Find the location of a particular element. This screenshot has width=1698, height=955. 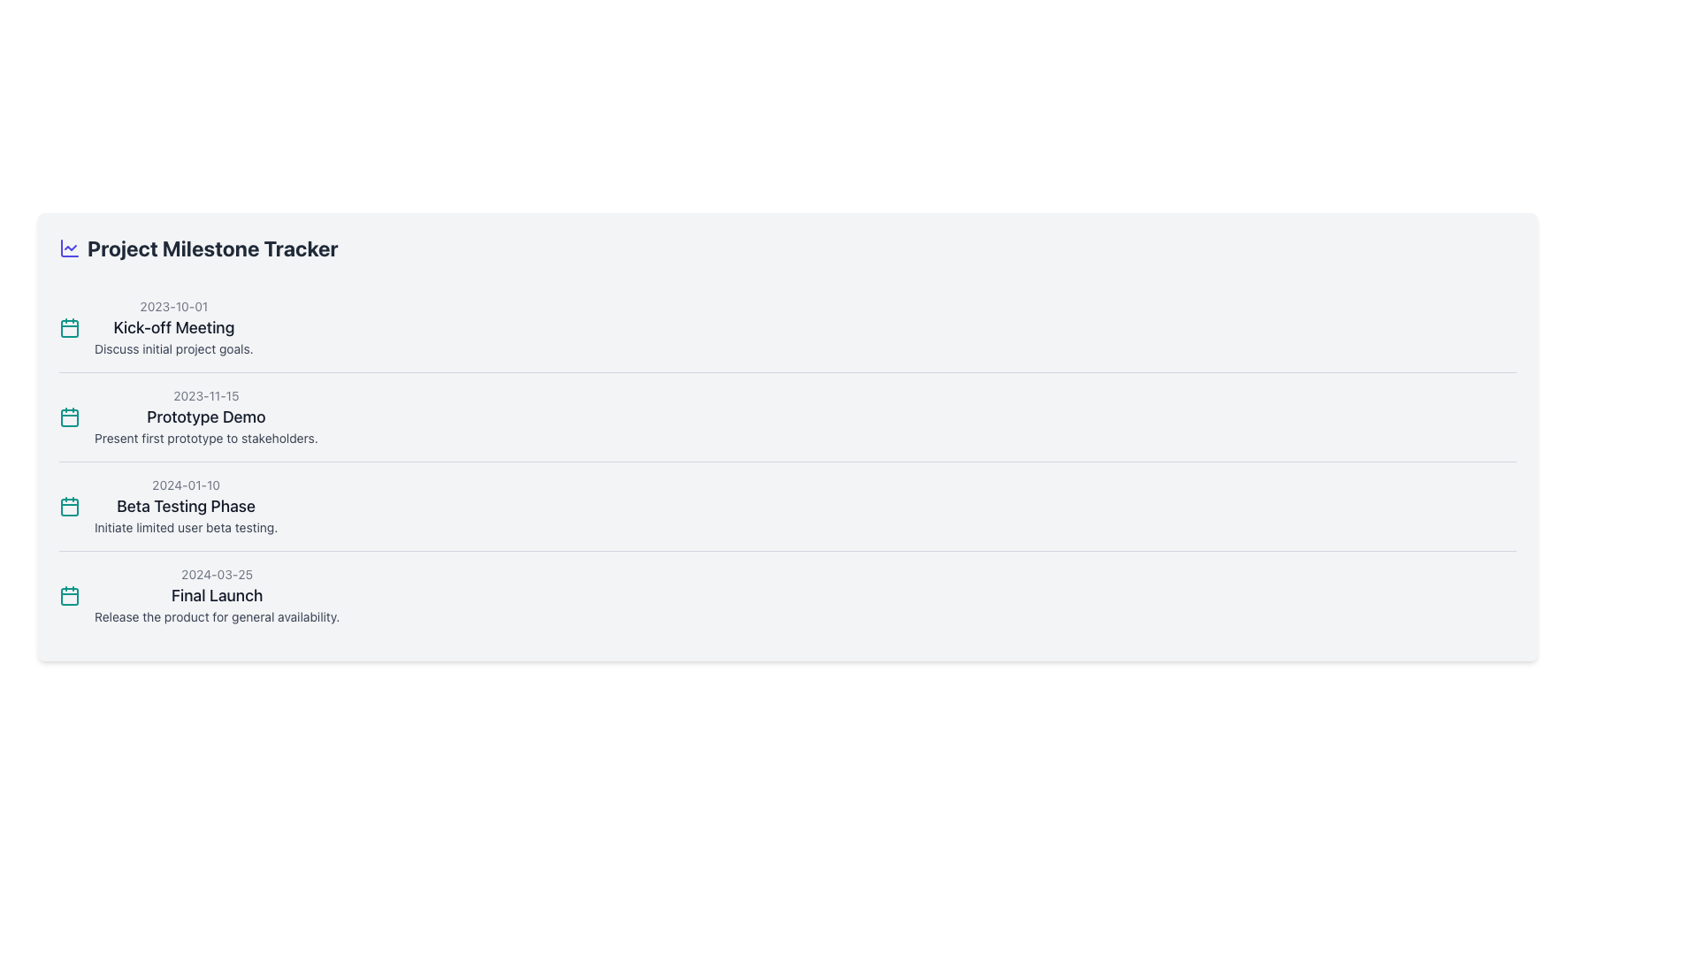

the text label displaying '2023-10-01' in light gray font located at the top of the event description block for the 'Kick-off Meeting' is located at coordinates (173, 306).